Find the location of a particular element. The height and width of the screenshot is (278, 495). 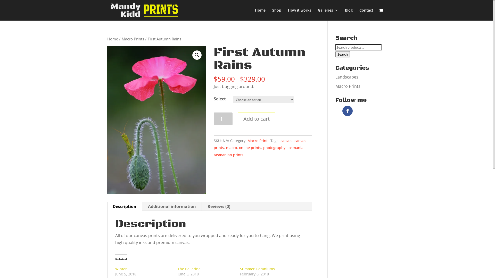

'tasmanian prints' is located at coordinates (228, 154).